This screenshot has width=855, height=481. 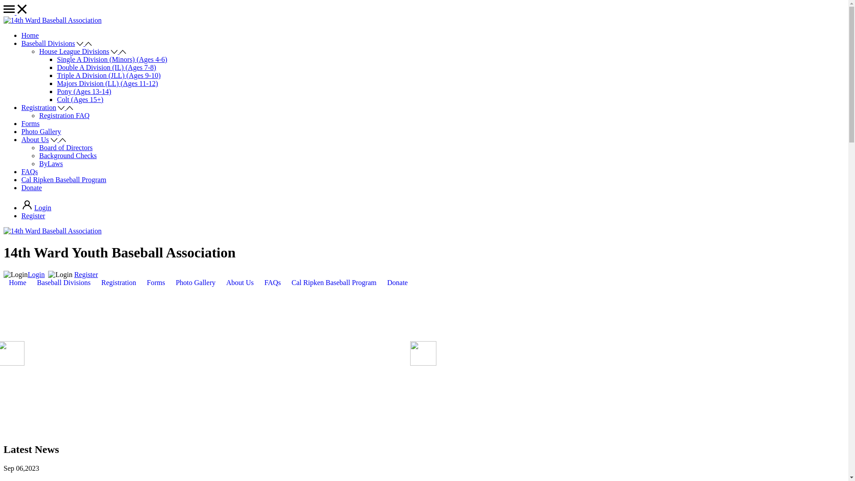 I want to click on 'FAQs', so click(x=272, y=283).